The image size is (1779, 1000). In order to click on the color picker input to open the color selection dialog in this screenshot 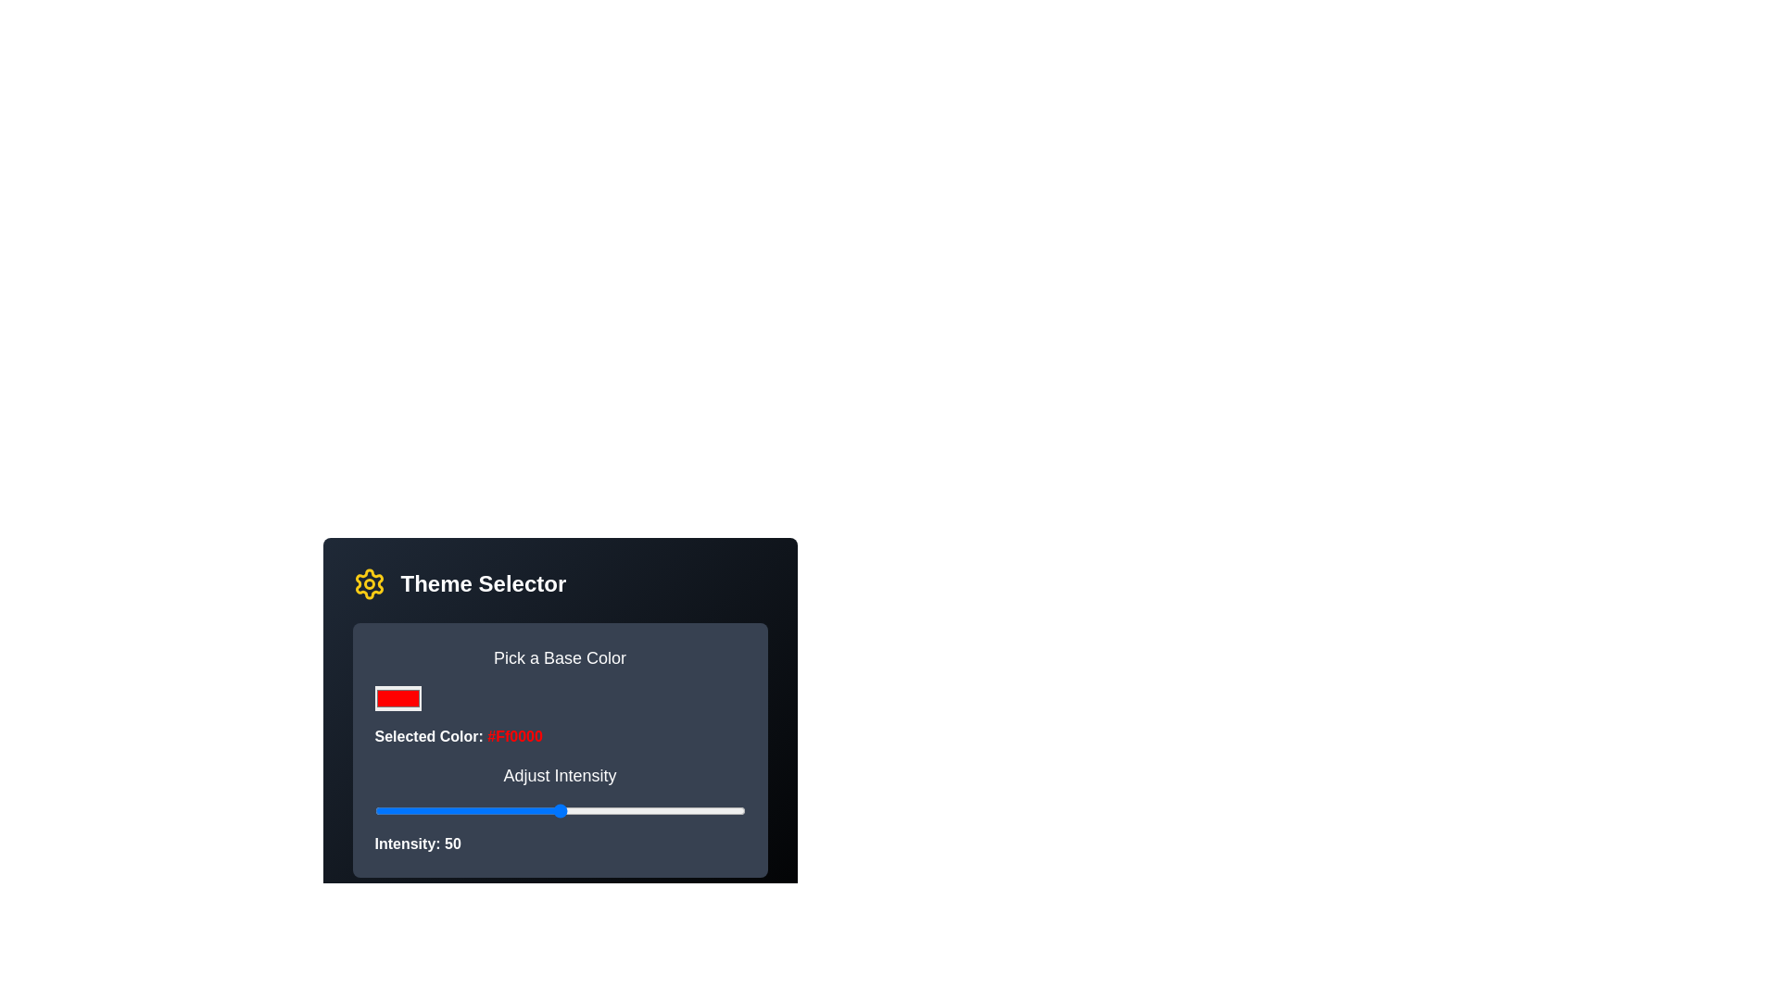, I will do `click(397, 698)`.